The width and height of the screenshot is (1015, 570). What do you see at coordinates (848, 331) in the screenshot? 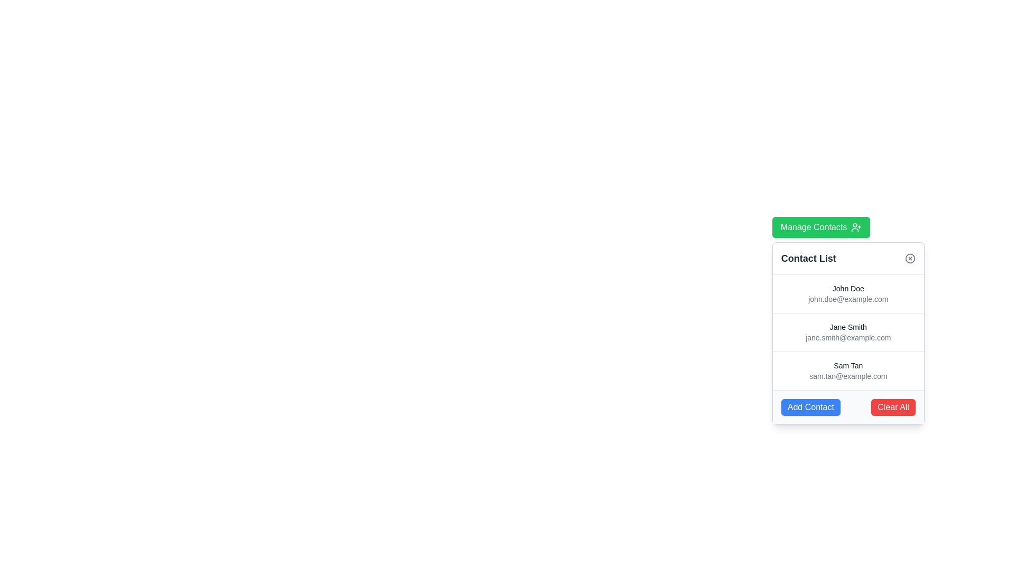
I see `contact name and email for 'Jane Smith', which is the second entry in the contact list below 'John Doe'` at bounding box center [848, 331].